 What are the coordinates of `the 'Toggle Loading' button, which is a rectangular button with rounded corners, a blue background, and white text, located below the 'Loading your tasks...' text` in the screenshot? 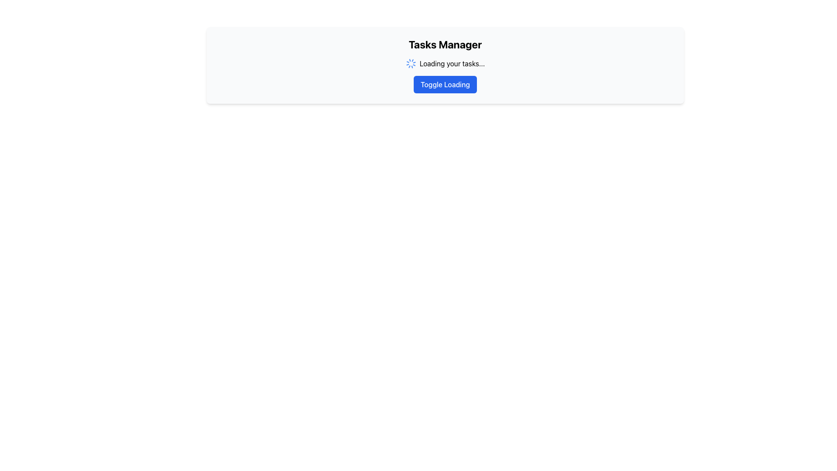 It's located at (445, 84).